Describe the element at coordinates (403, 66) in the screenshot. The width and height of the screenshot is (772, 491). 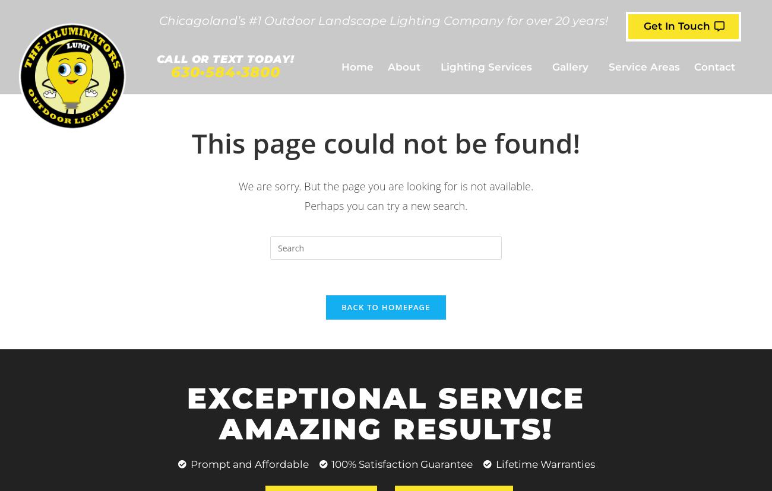
I see `'About'` at that location.